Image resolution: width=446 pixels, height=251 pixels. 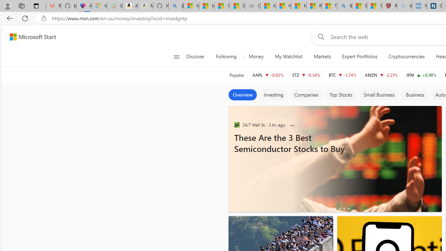 I want to click on 'Companies', so click(x=306, y=95).